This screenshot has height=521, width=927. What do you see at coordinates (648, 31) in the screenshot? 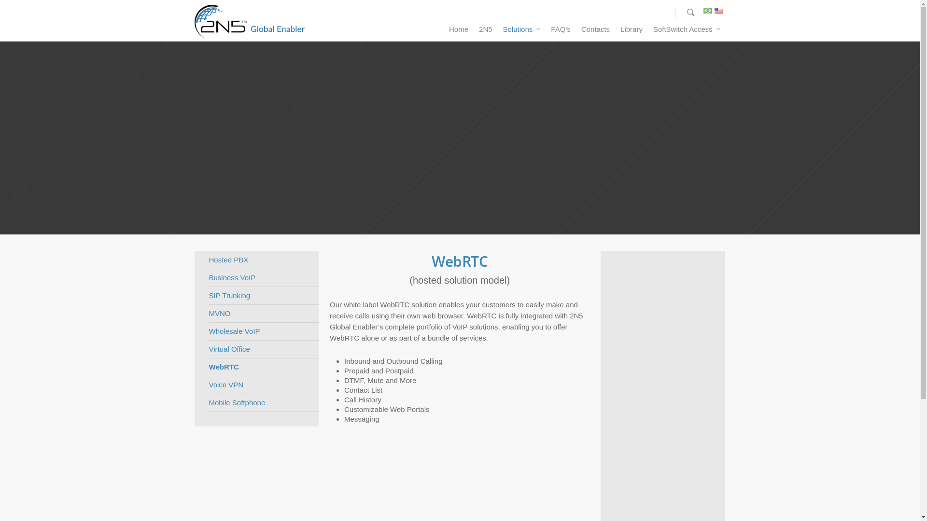
I see `'SoftSwitch Access'` at bounding box center [648, 31].